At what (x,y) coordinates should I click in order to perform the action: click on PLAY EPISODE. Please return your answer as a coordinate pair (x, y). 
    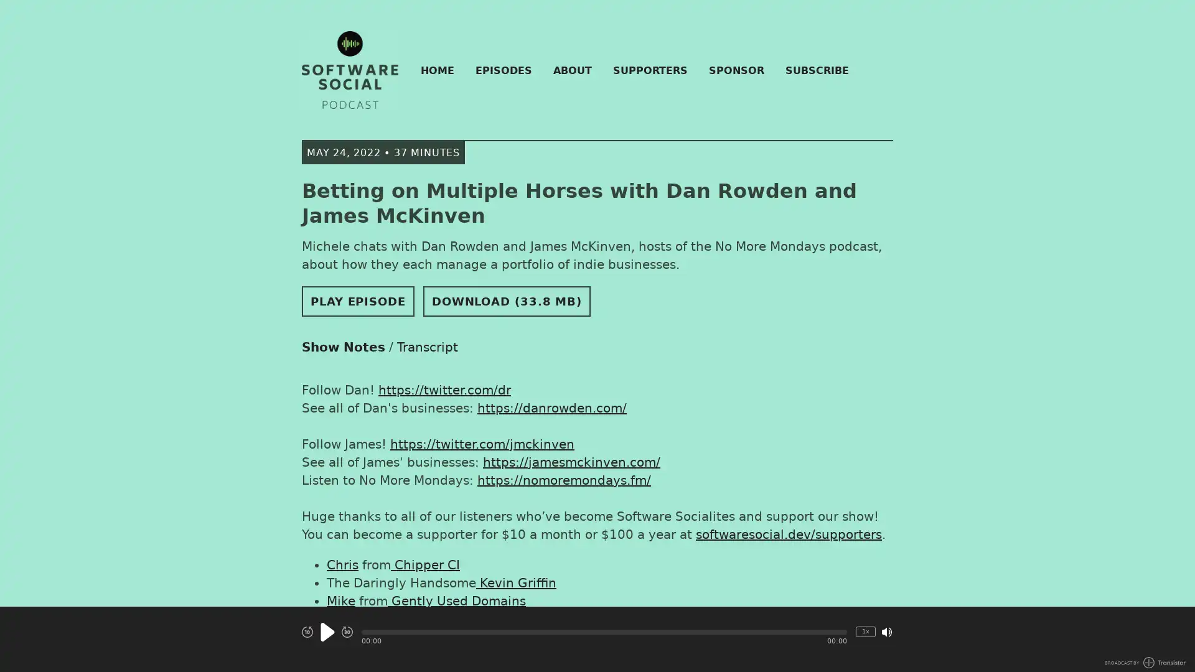
    Looking at the image, I should click on (357, 301).